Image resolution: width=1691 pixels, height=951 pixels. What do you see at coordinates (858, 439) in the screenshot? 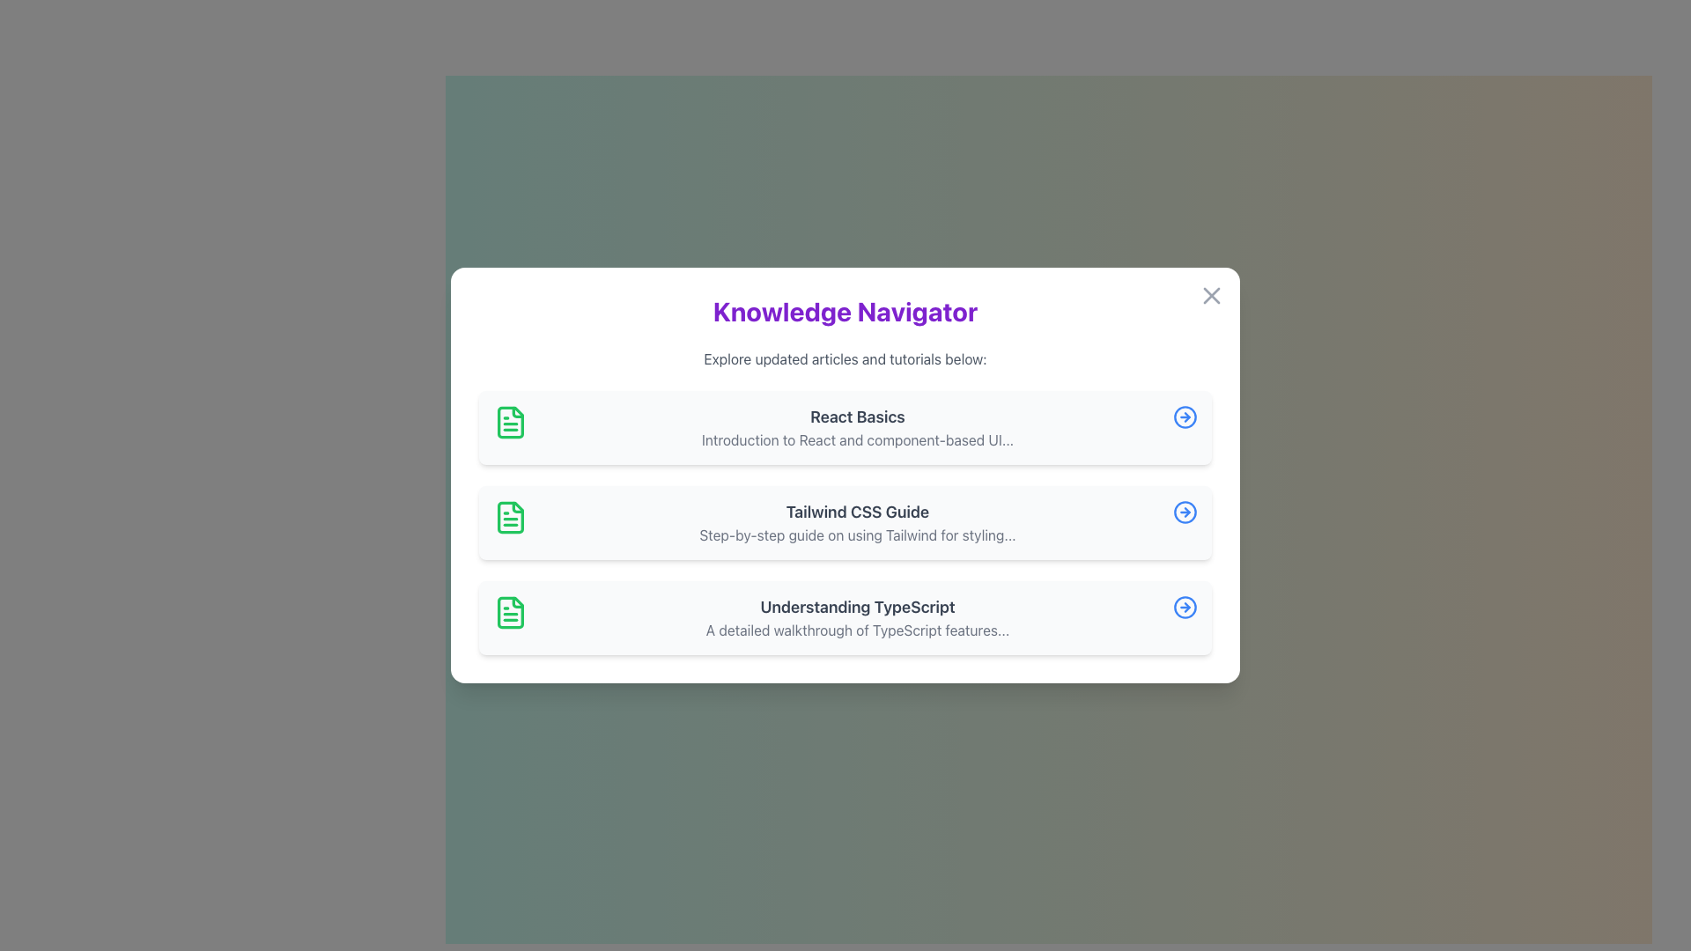
I see `the text line displaying 'Introduction to React and component-based UI...' which is styled in subdued gray and located below the title 'React Basics'` at bounding box center [858, 439].